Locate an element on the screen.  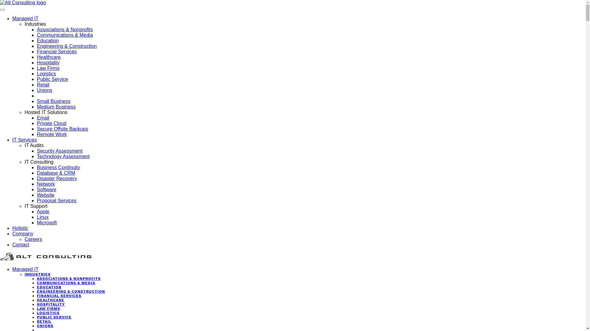
'Medium Business' is located at coordinates (56, 106).